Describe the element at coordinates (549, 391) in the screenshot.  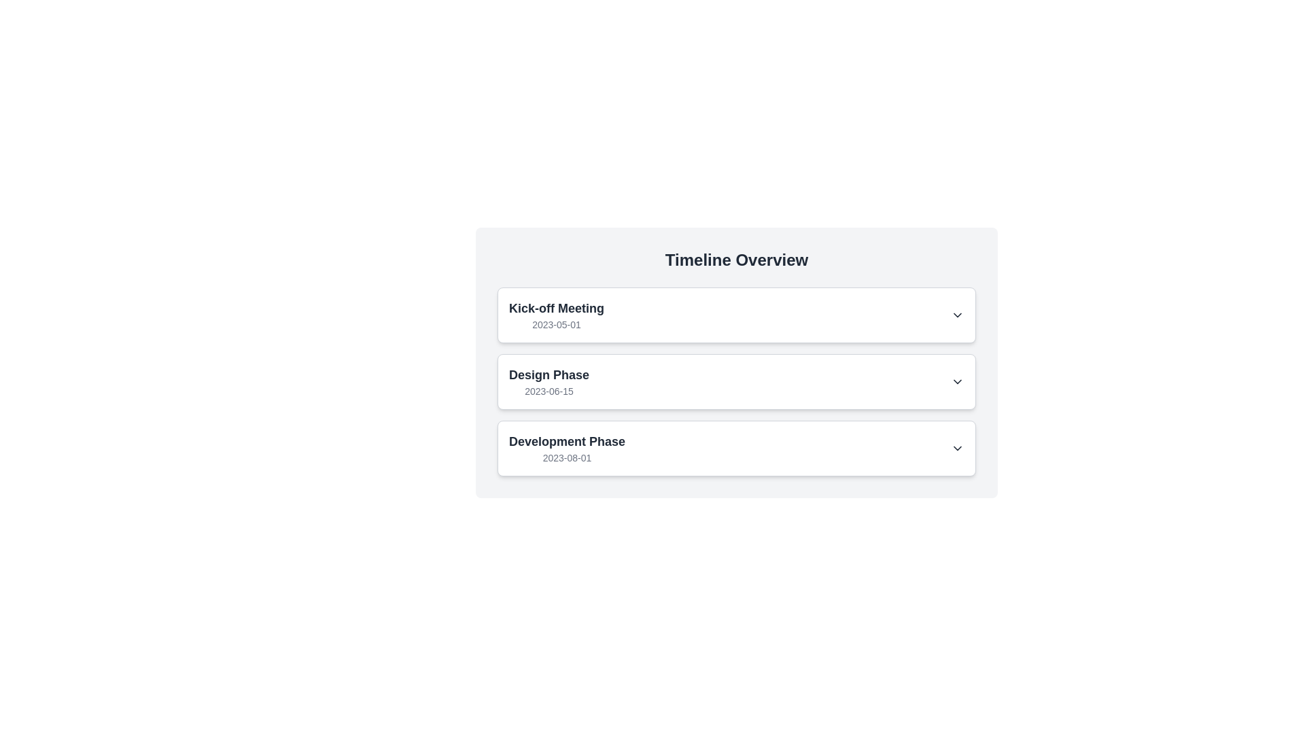
I see `the text label displaying '2023-06-15', which is located directly below the 'Design Phase' title within the event timeline card` at that location.